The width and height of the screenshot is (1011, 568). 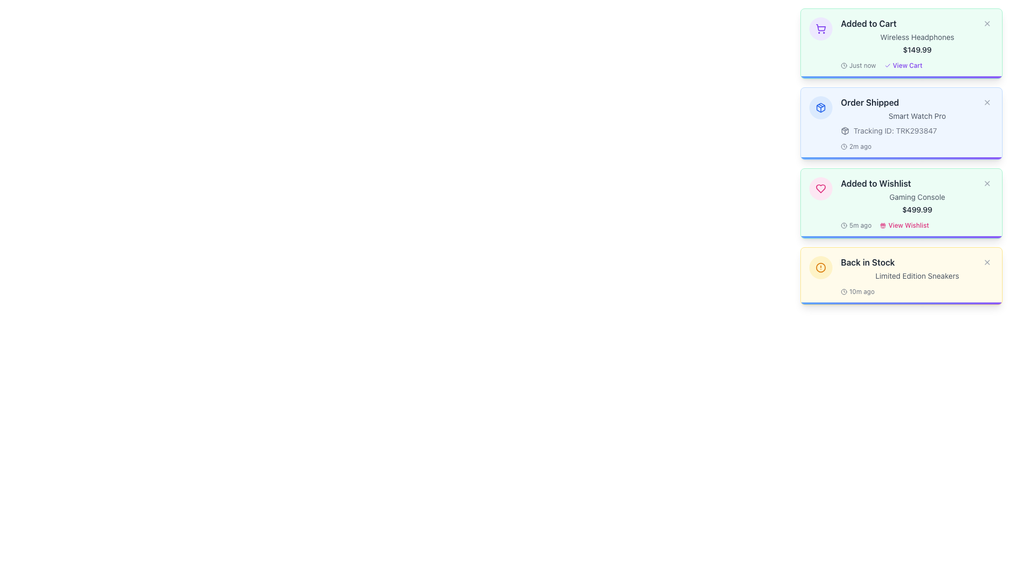 I want to click on the static text label that contains the text 'Gaming Console', which is located under the 'Added to Wishlist' heading and above the price '$499.99', so click(x=917, y=197).